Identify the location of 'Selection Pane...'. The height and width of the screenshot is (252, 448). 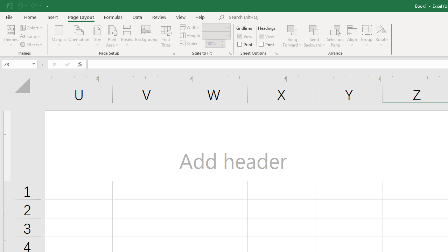
(335, 36).